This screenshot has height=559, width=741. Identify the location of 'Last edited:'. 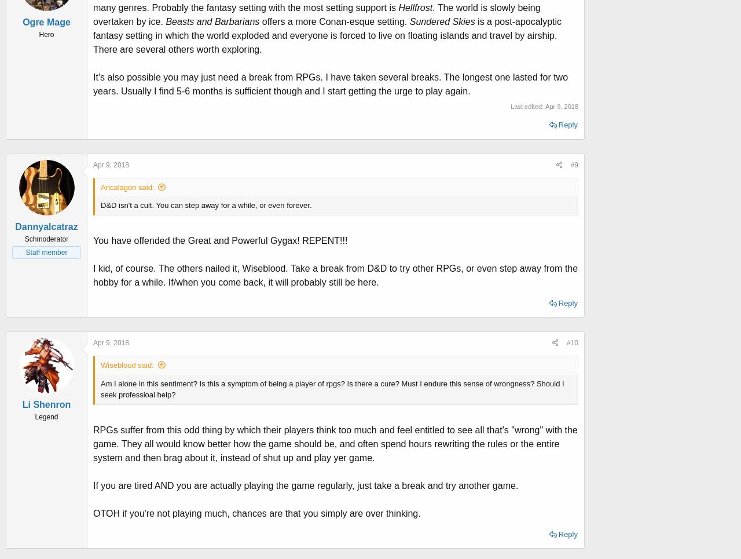
(527, 105).